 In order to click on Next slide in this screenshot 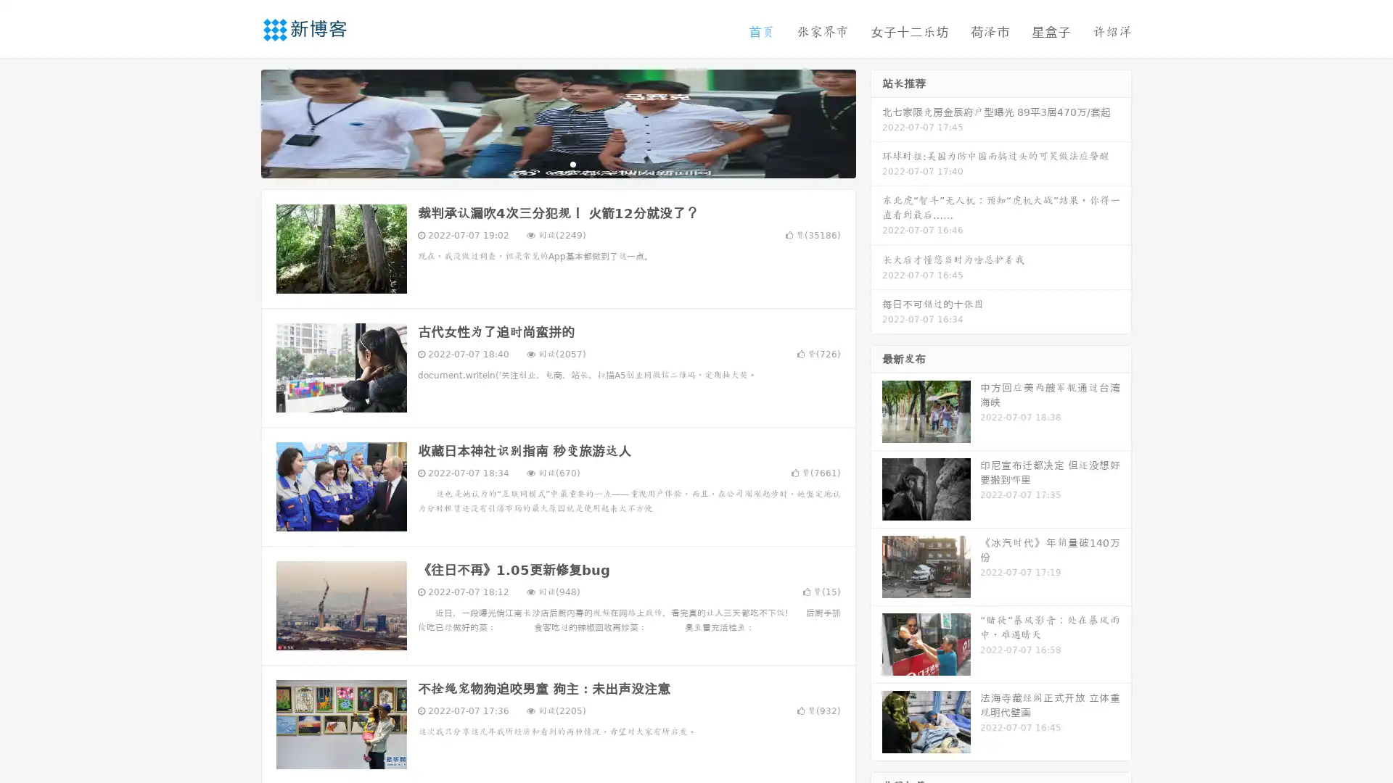, I will do `click(876, 122)`.